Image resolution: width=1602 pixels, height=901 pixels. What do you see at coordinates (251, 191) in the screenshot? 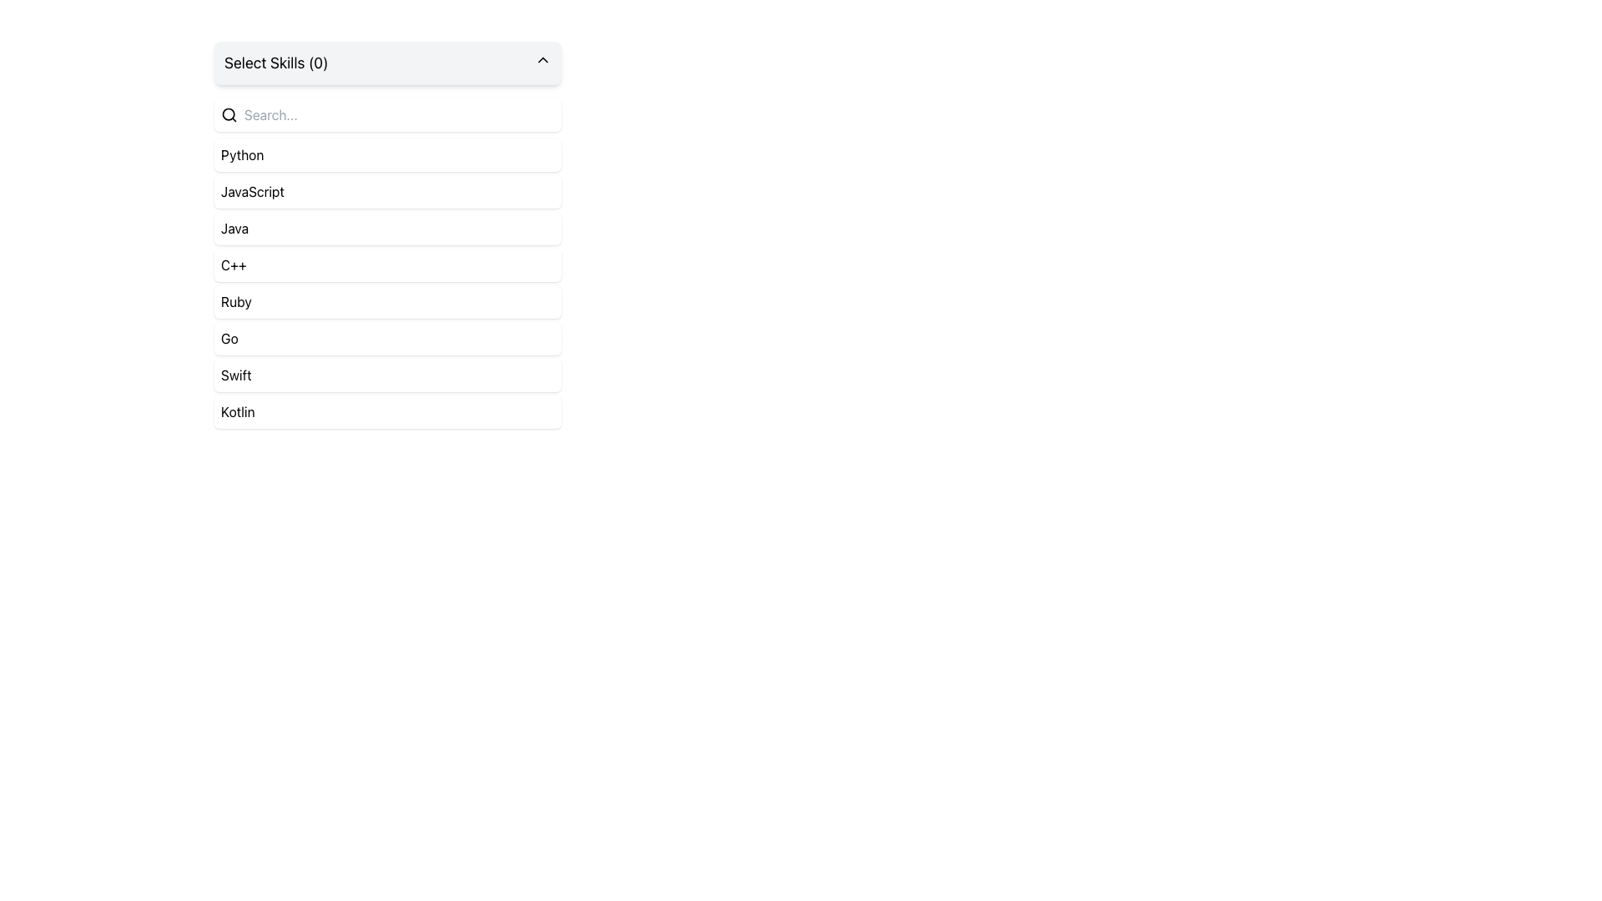
I see `the 'JavaScript' option in the dropdown menu` at bounding box center [251, 191].